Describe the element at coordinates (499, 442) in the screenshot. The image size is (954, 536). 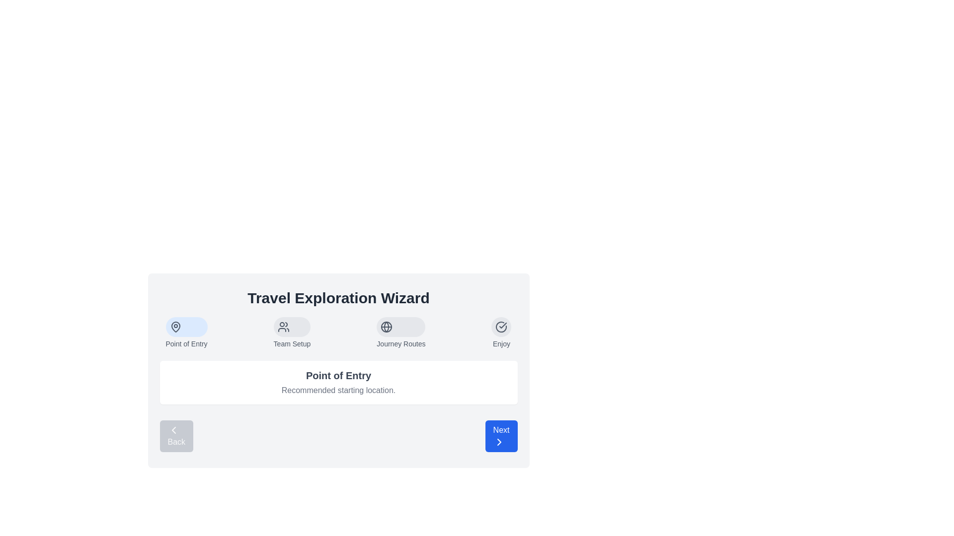
I see `the chevron icon indicating forward navigation associated with the 'Next' button at the bottom-right corner of the interface to proceed` at that location.